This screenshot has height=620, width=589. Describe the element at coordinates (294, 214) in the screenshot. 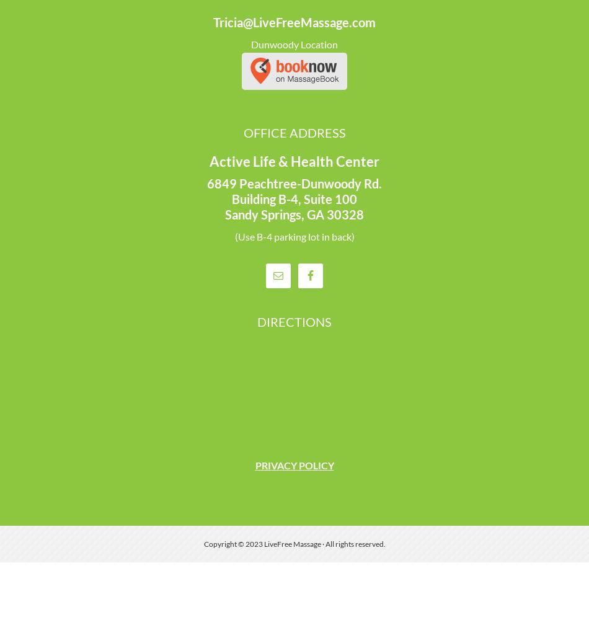

I see `'Sandy Springs, GA 30328'` at that location.